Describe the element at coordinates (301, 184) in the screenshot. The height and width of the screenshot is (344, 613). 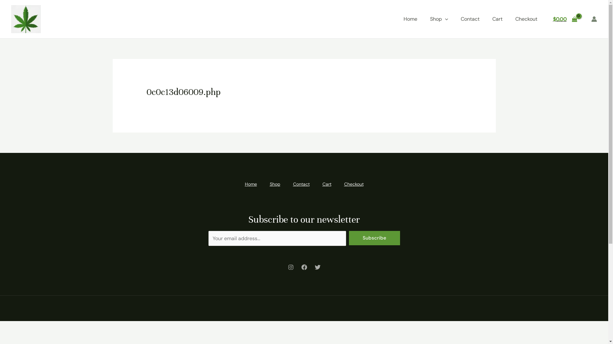
I see `'Contact'` at that location.